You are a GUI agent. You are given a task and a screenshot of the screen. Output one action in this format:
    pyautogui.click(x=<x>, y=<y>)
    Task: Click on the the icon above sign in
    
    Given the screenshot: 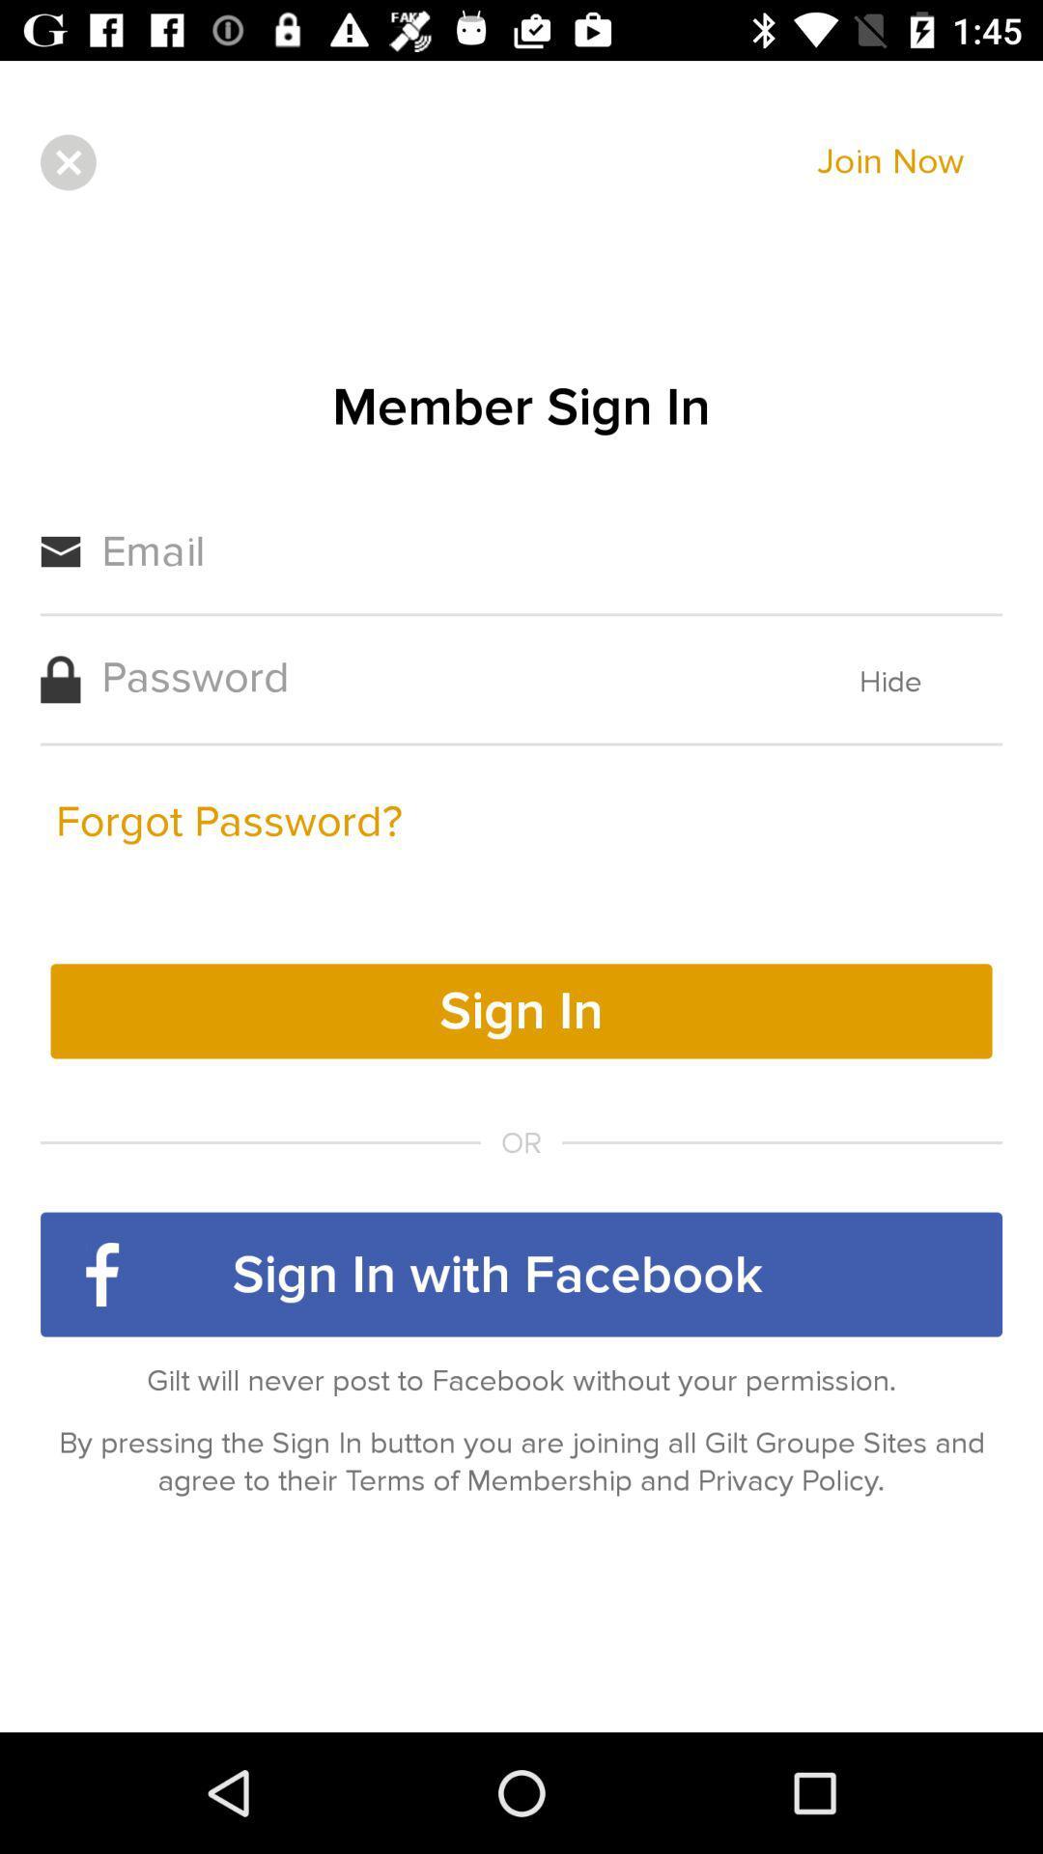 What is the action you would take?
    pyautogui.click(x=228, y=822)
    